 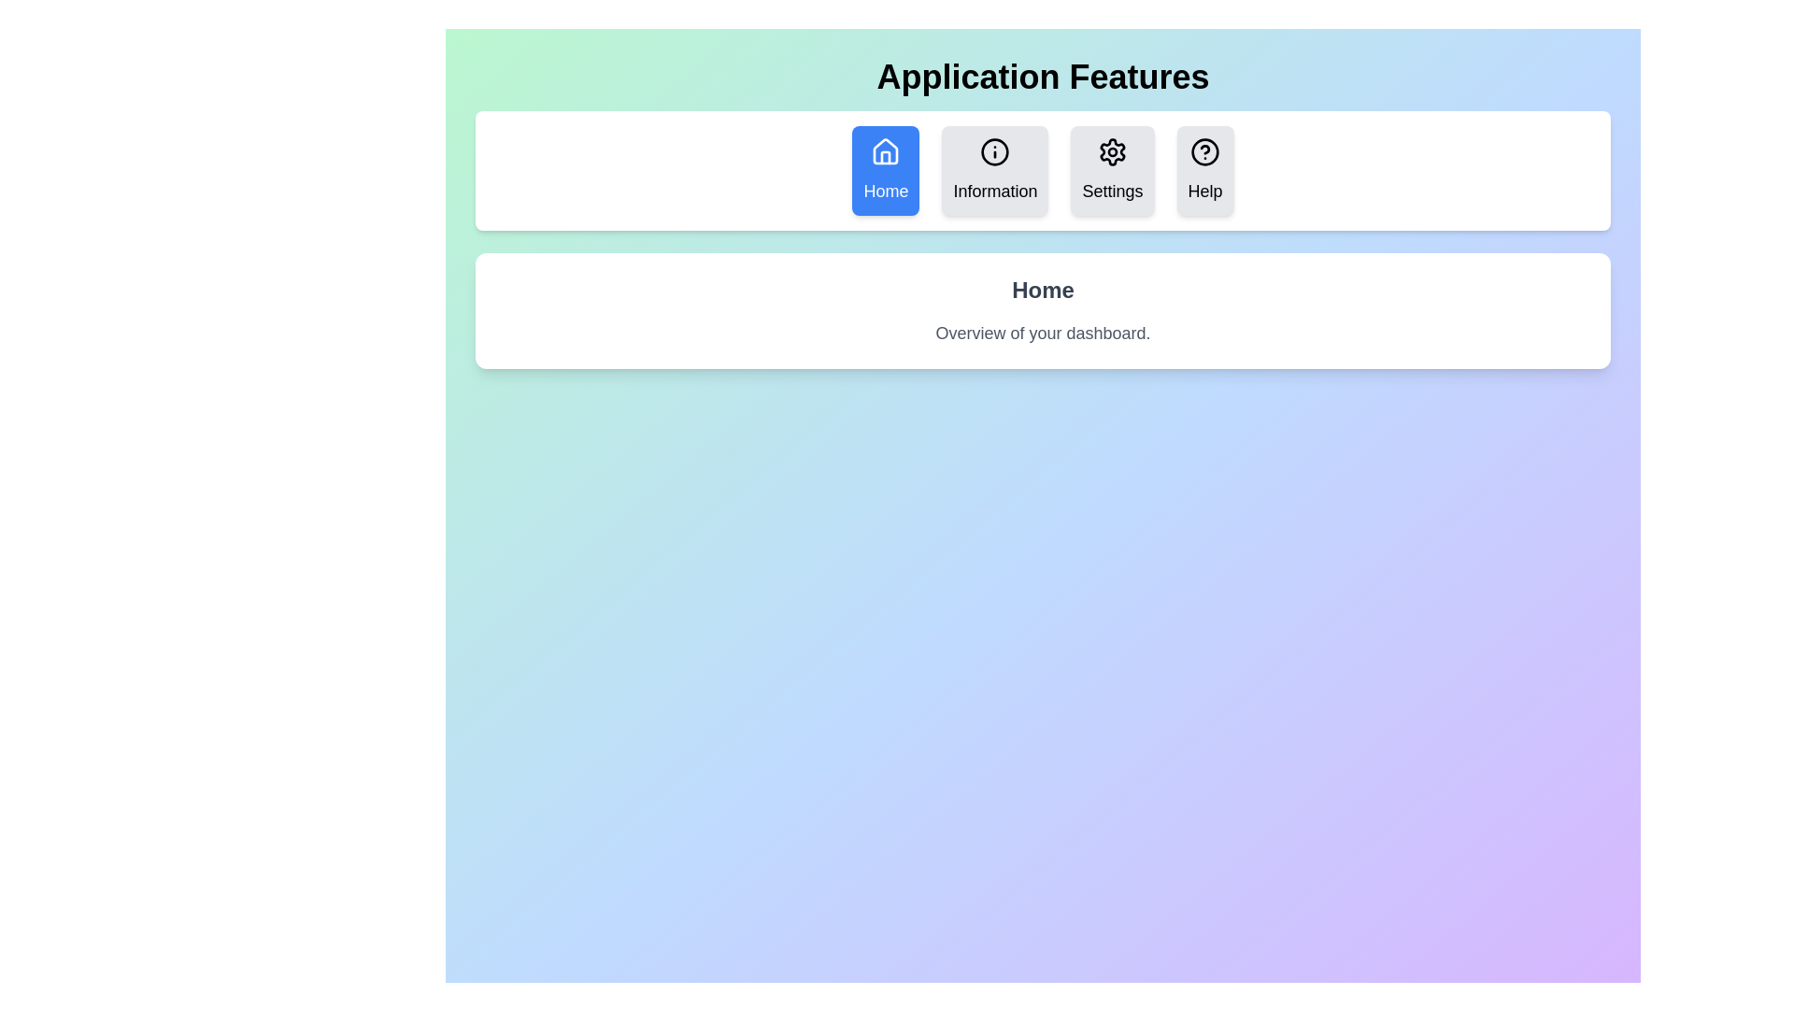 I want to click on the Settings tab button to switch to that tab, so click(x=1112, y=170).